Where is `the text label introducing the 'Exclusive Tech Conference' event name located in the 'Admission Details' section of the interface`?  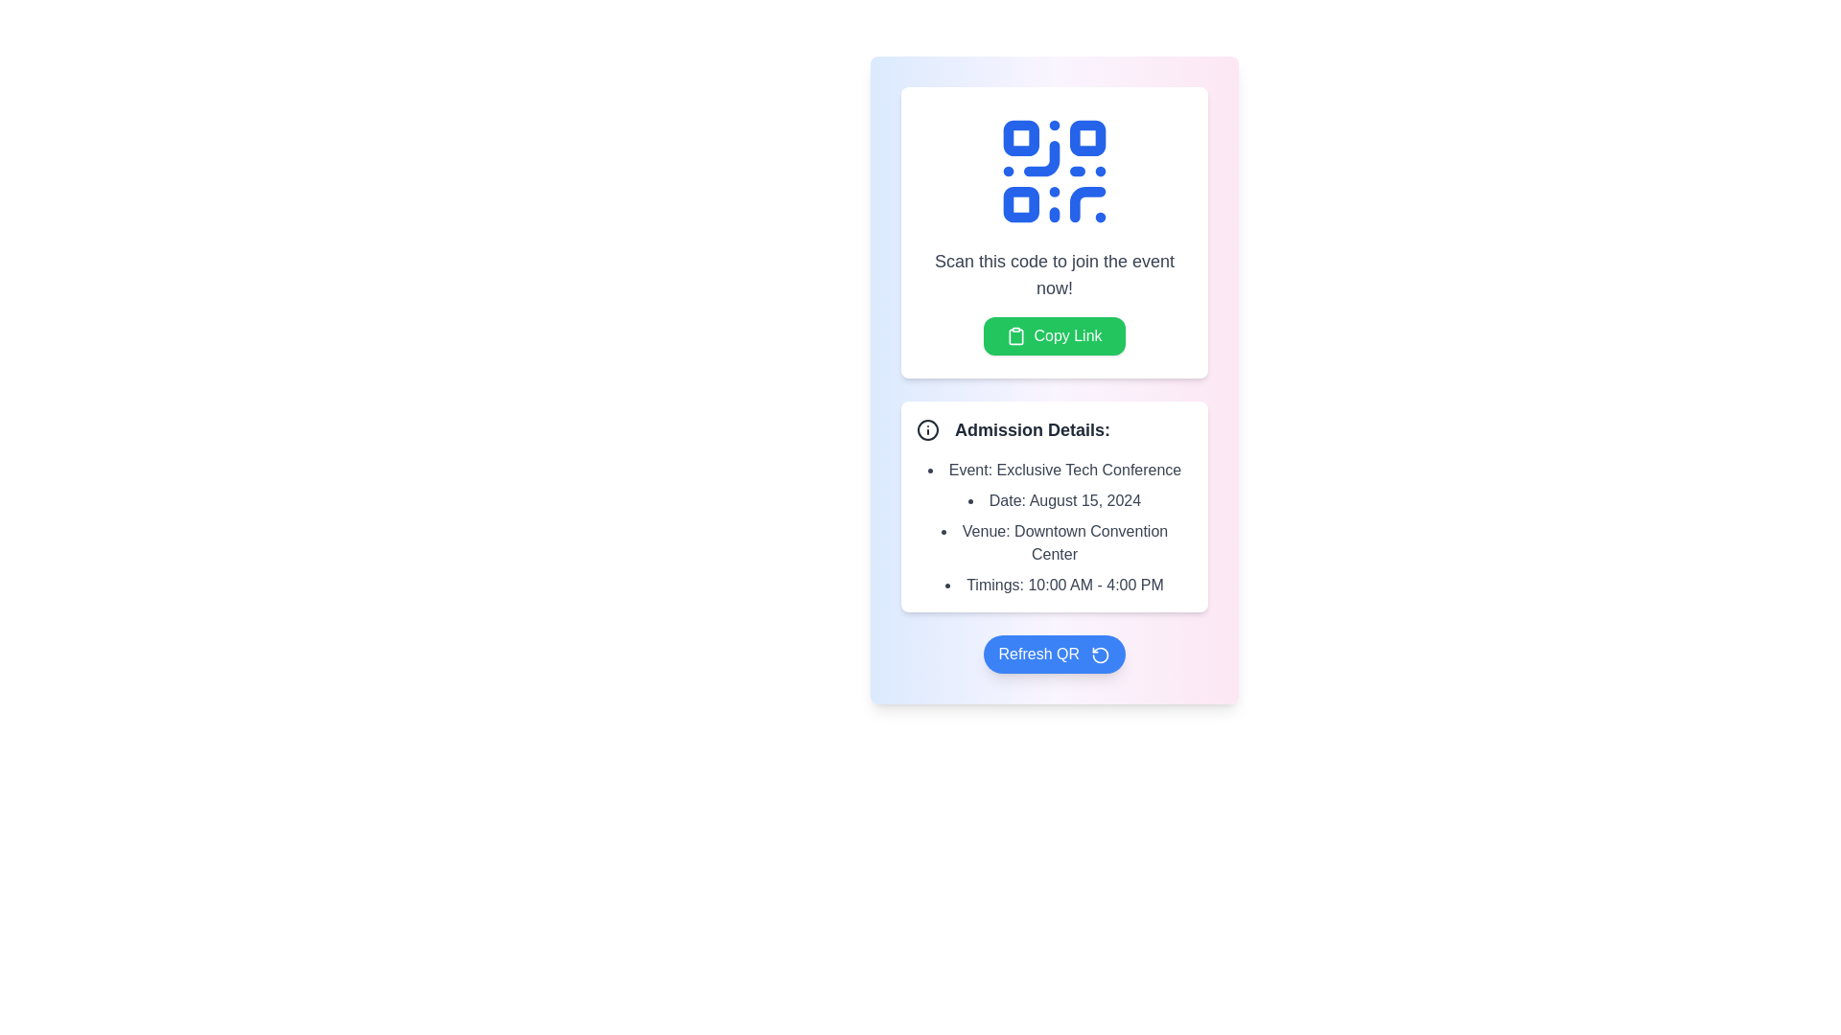
the text label introducing the 'Exclusive Tech Conference' event name located in the 'Admission Details' section of the interface is located at coordinates (970, 470).